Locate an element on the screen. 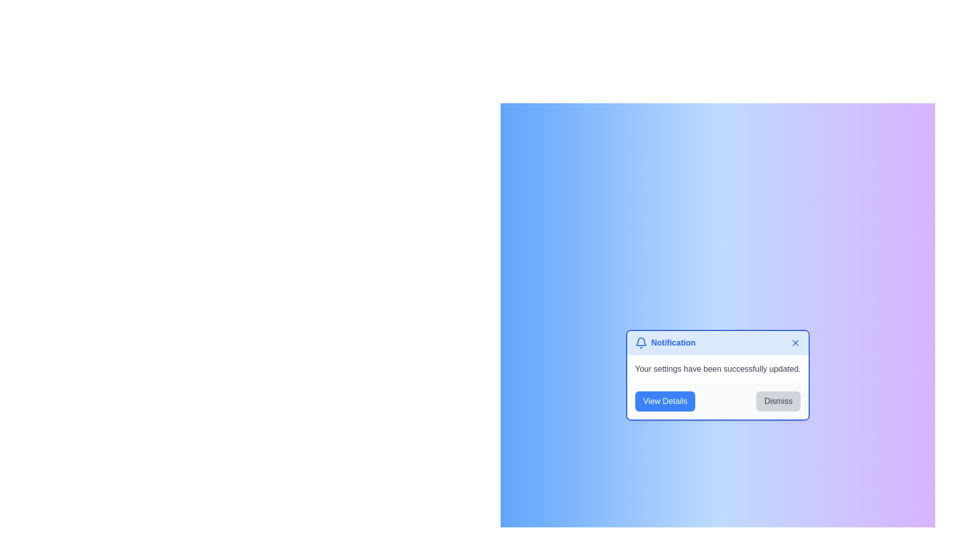 The height and width of the screenshot is (544, 968). the close button located at the top-right corner of the notification banner is located at coordinates (795, 343).